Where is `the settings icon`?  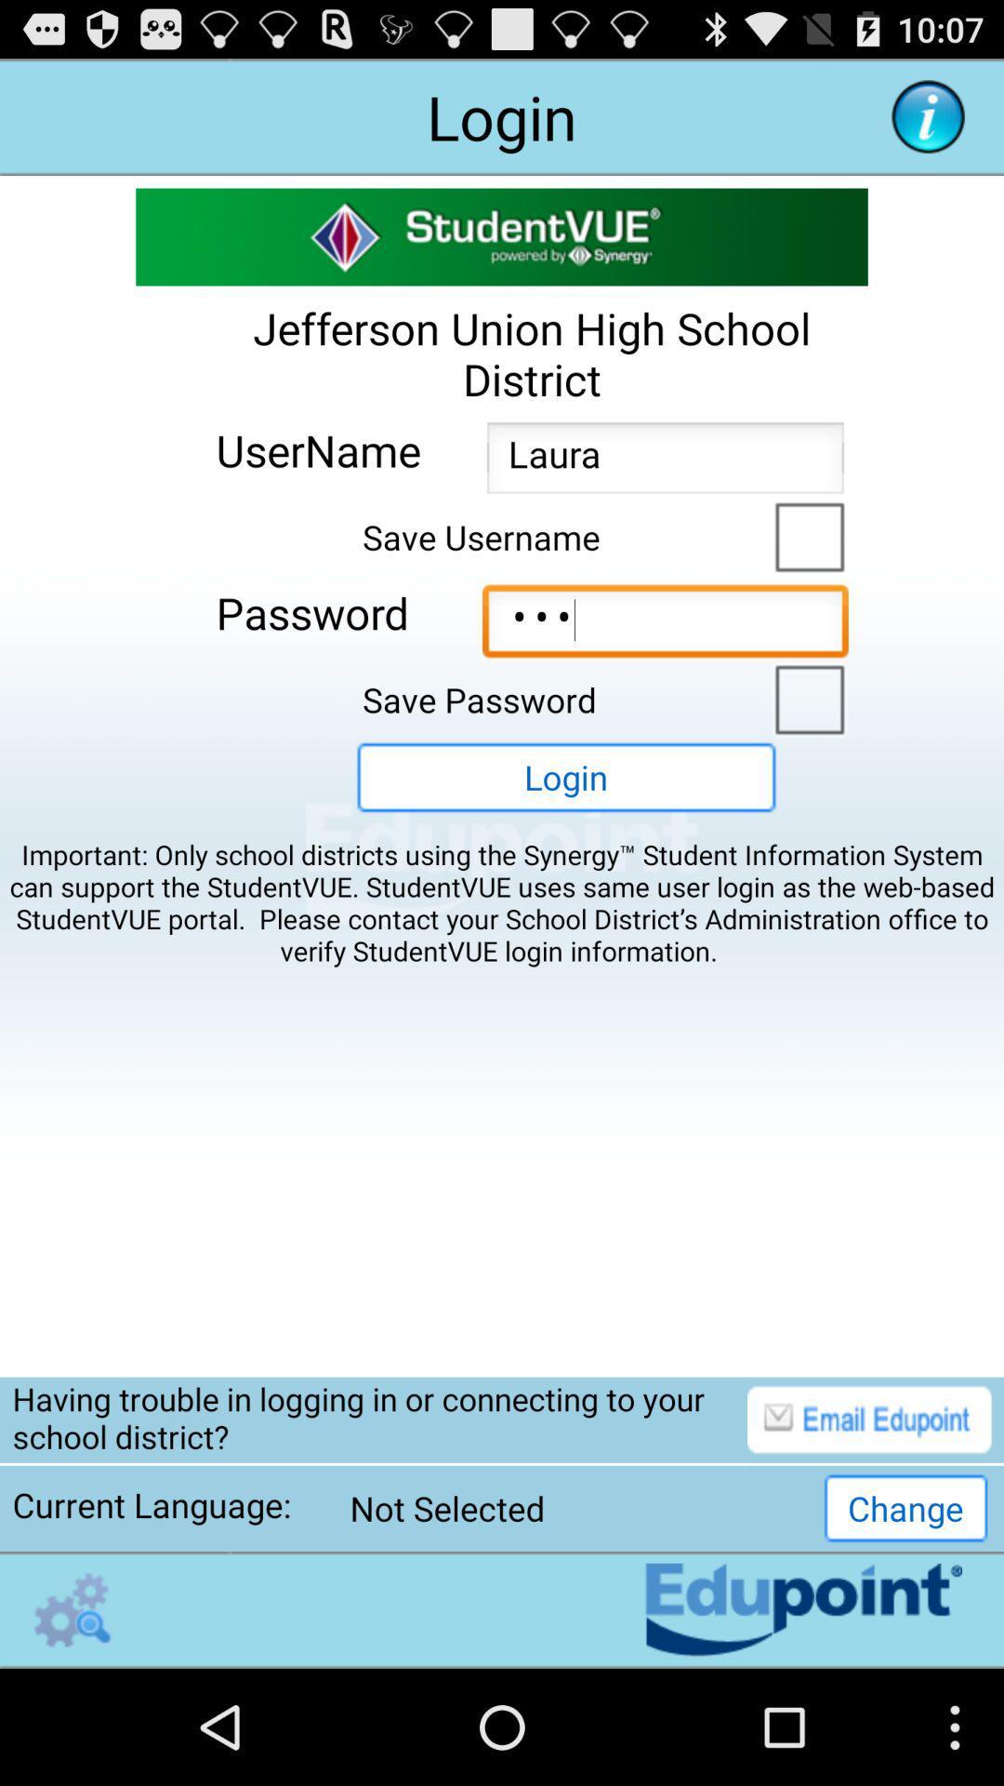
the settings icon is located at coordinates (72, 1722).